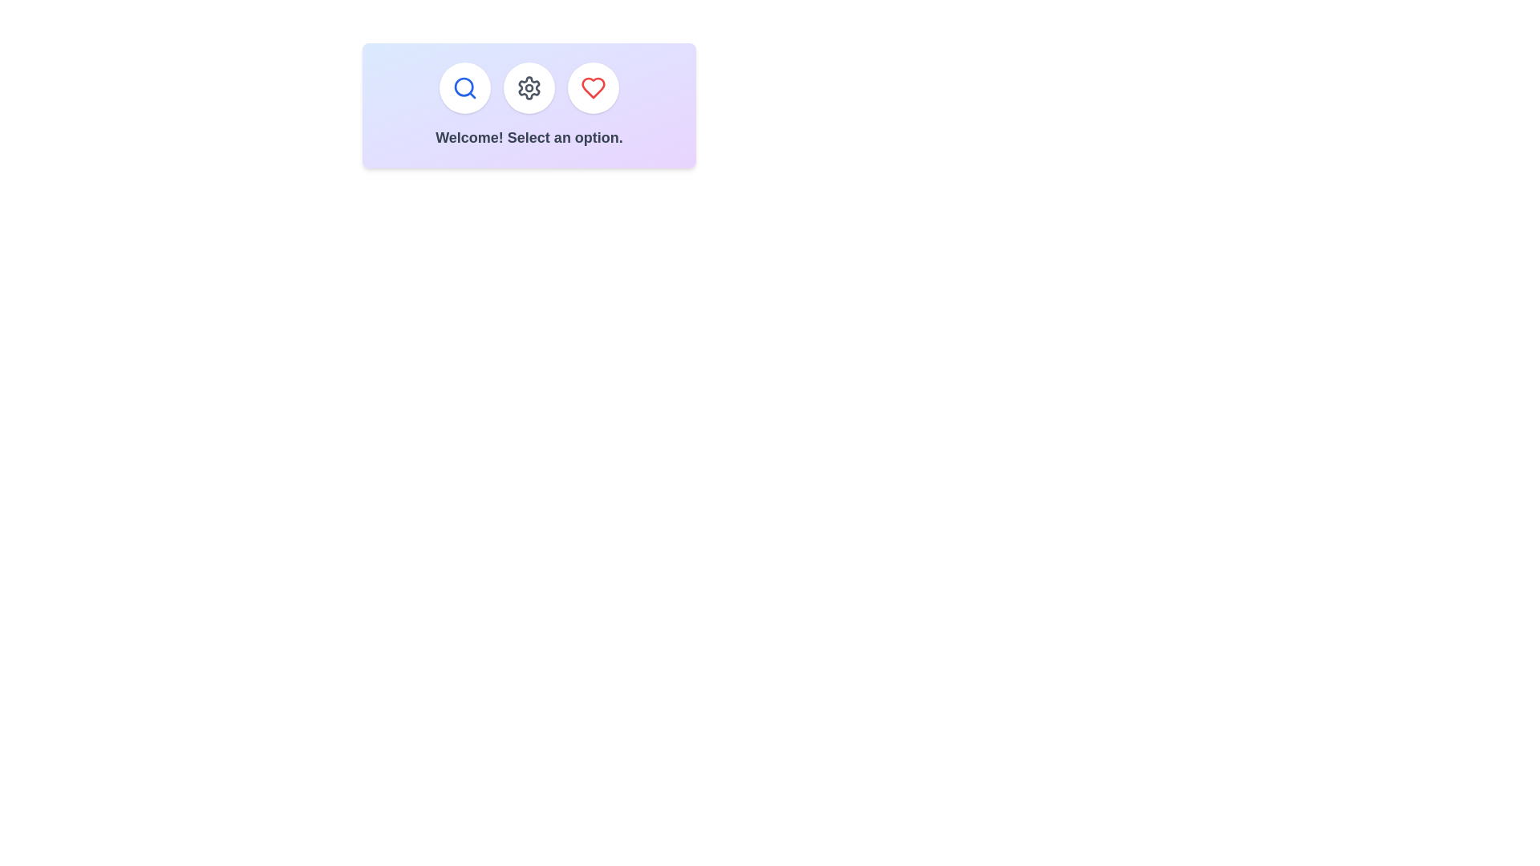 The height and width of the screenshot is (866, 1540). I want to click on the gear-shaped icon, which is the second in a horizontal arrangement of three circular icons, so click(529, 88).